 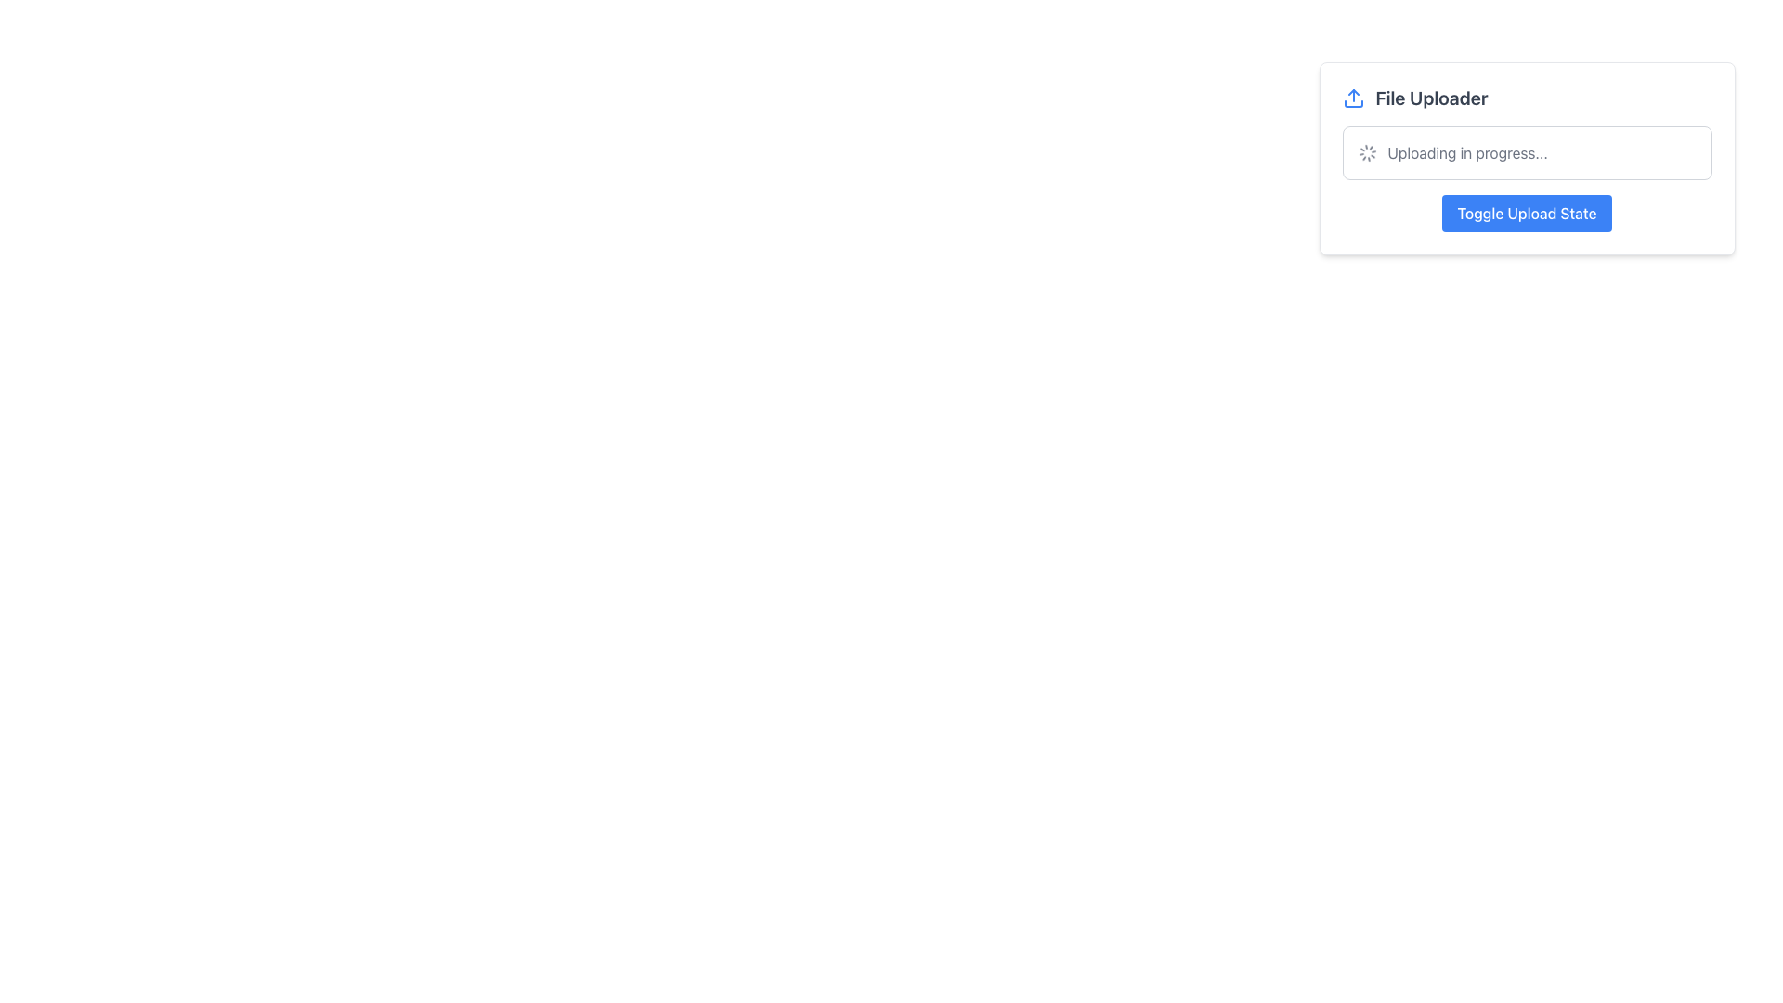 What do you see at coordinates (1527, 213) in the screenshot?
I see `the blue rectangular button labeled 'Toggle Upload State' located below the 'Uploading in progress...' message` at bounding box center [1527, 213].